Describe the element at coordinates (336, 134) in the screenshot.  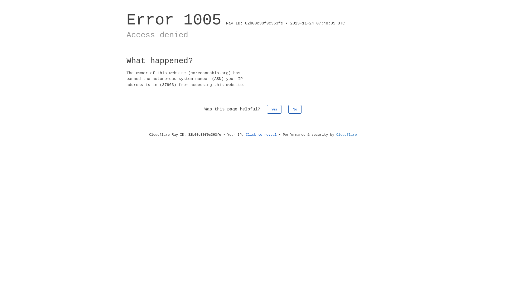
I see `'Cloudflare'` at that location.